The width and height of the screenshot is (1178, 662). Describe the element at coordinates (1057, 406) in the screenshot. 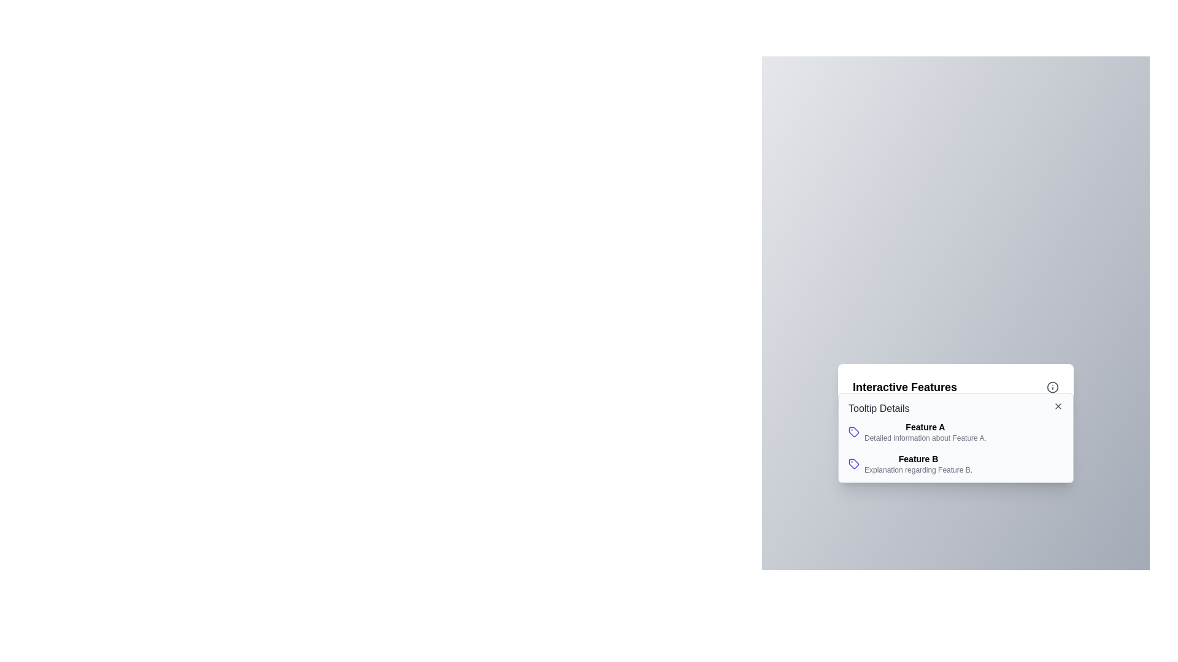

I see `the close button located in the top-right corner of the 'Tooltip Details' dialog` at that location.